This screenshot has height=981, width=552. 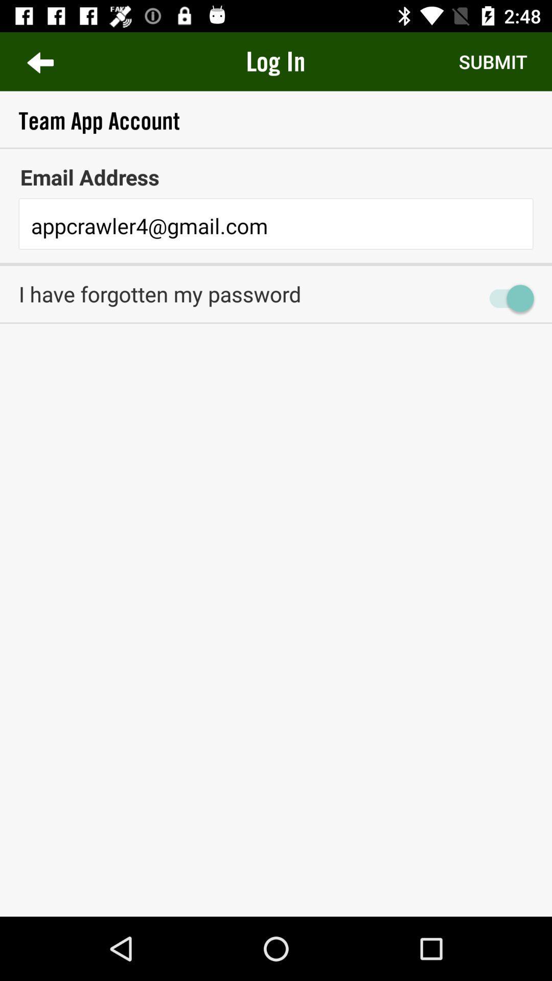 I want to click on the icon at the center, so click(x=276, y=342).